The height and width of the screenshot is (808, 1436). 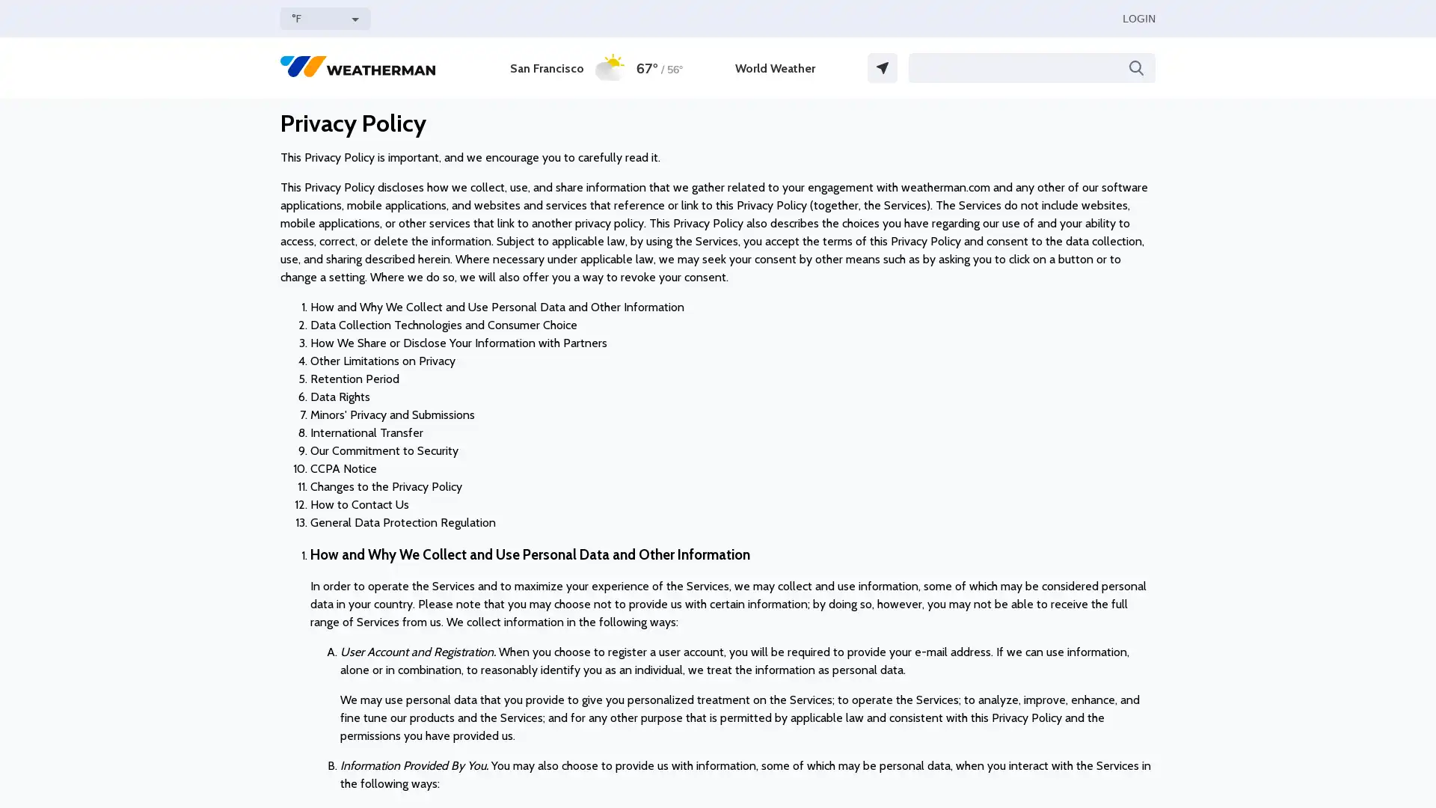 What do you see at coordinates (1138, 18) in the screenshot?
I see `LOGIN` at bounding box center [1138, 18].